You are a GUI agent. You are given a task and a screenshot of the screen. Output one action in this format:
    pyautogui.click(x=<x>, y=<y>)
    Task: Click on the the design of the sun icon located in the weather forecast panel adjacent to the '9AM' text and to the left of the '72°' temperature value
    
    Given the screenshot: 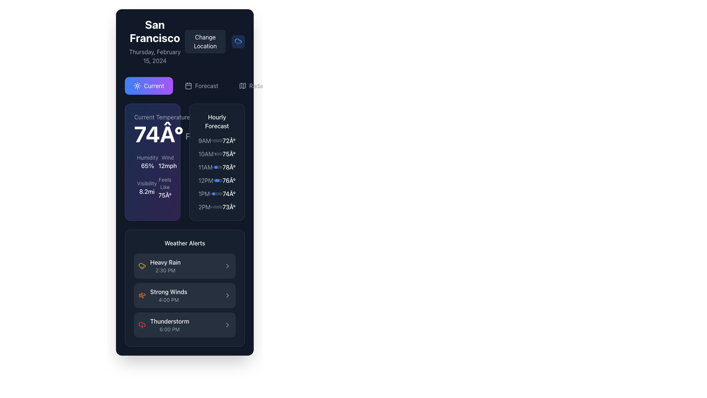 What is the action you would take?
    pyautogui.click(x=211, y=140)
    